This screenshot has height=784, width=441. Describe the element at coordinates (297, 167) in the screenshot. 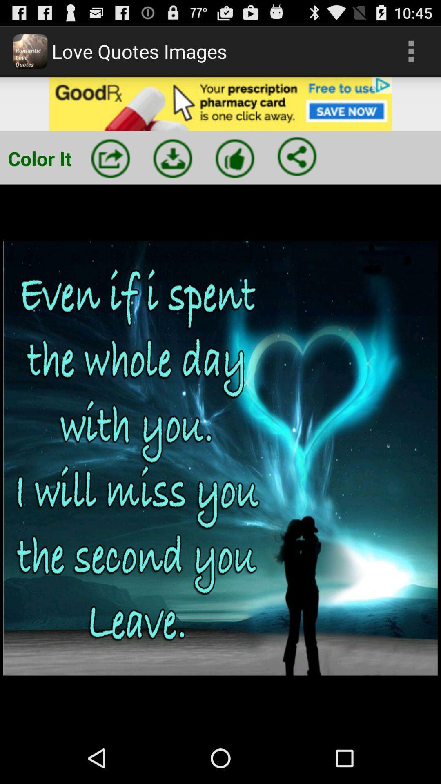

I see `the share icon` at that location.